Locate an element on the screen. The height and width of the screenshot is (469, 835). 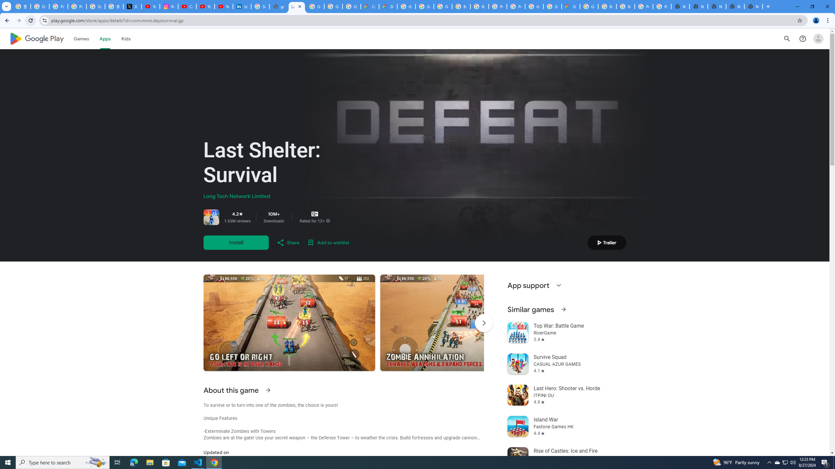
'Google Play logo' is located at coordinates (36, 38).